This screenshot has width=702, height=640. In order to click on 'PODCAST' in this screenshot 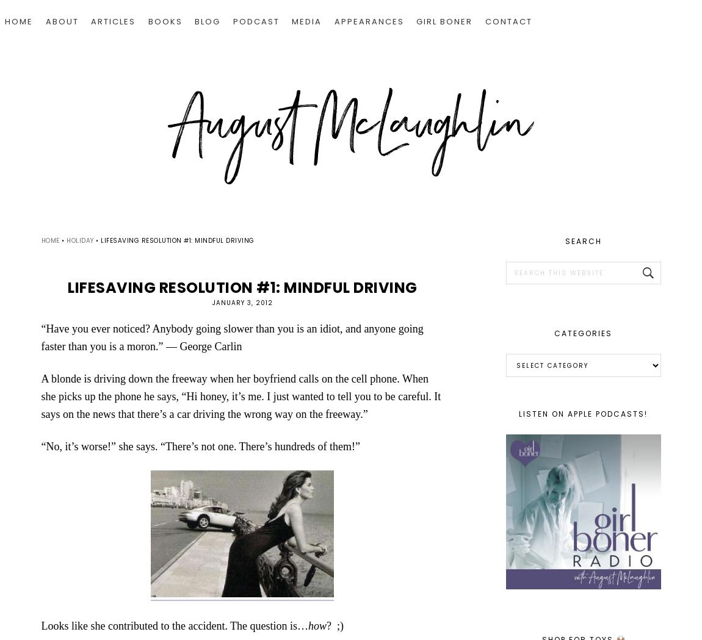, I will do `click(232, 21)`.